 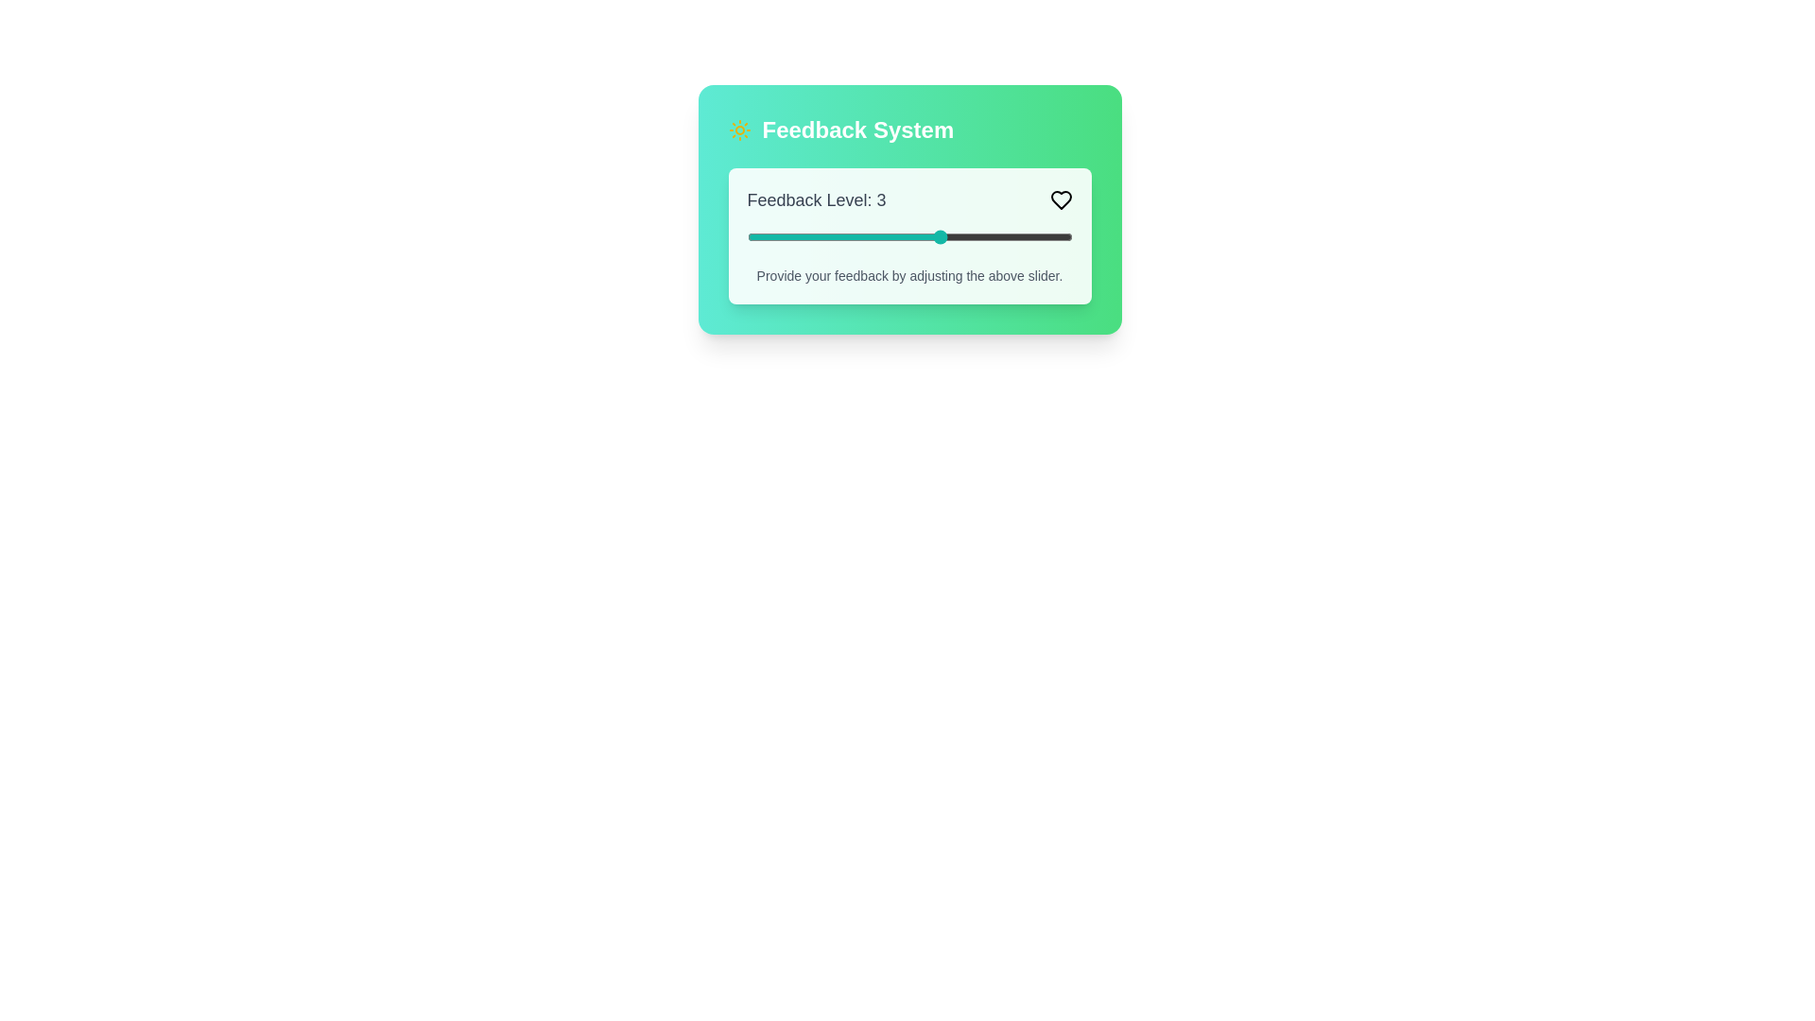 What do you see at coordinates (1006, 235) in the screenshot?
I see `the feedback slider to set the feedback level to 4` at bounding box center [1006, 235].